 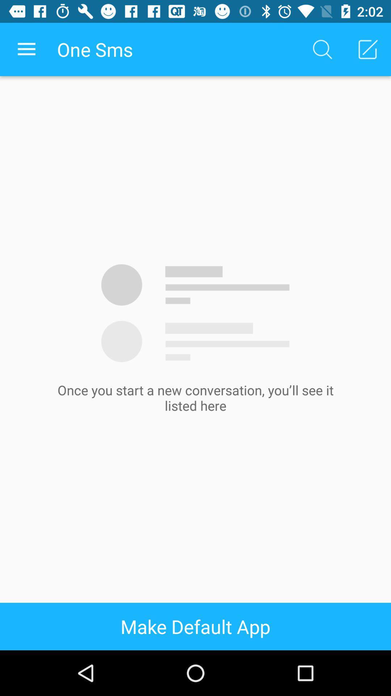 I want to click on app next to one sms item, so click(x=26, y=49).